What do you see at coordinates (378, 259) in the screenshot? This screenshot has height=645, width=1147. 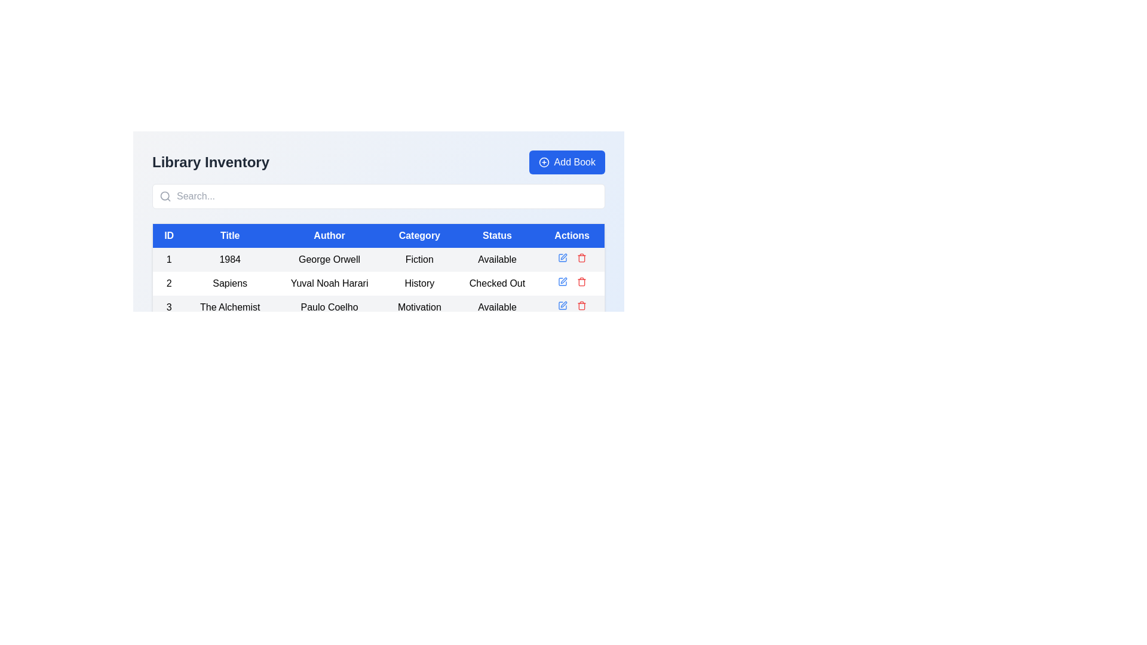 I see `data in the first row of the library inventory table, which displays detailed information about a specific book including its ID, Title, Author, Category, Status, and available Actions` at bounding box center [378, 259].